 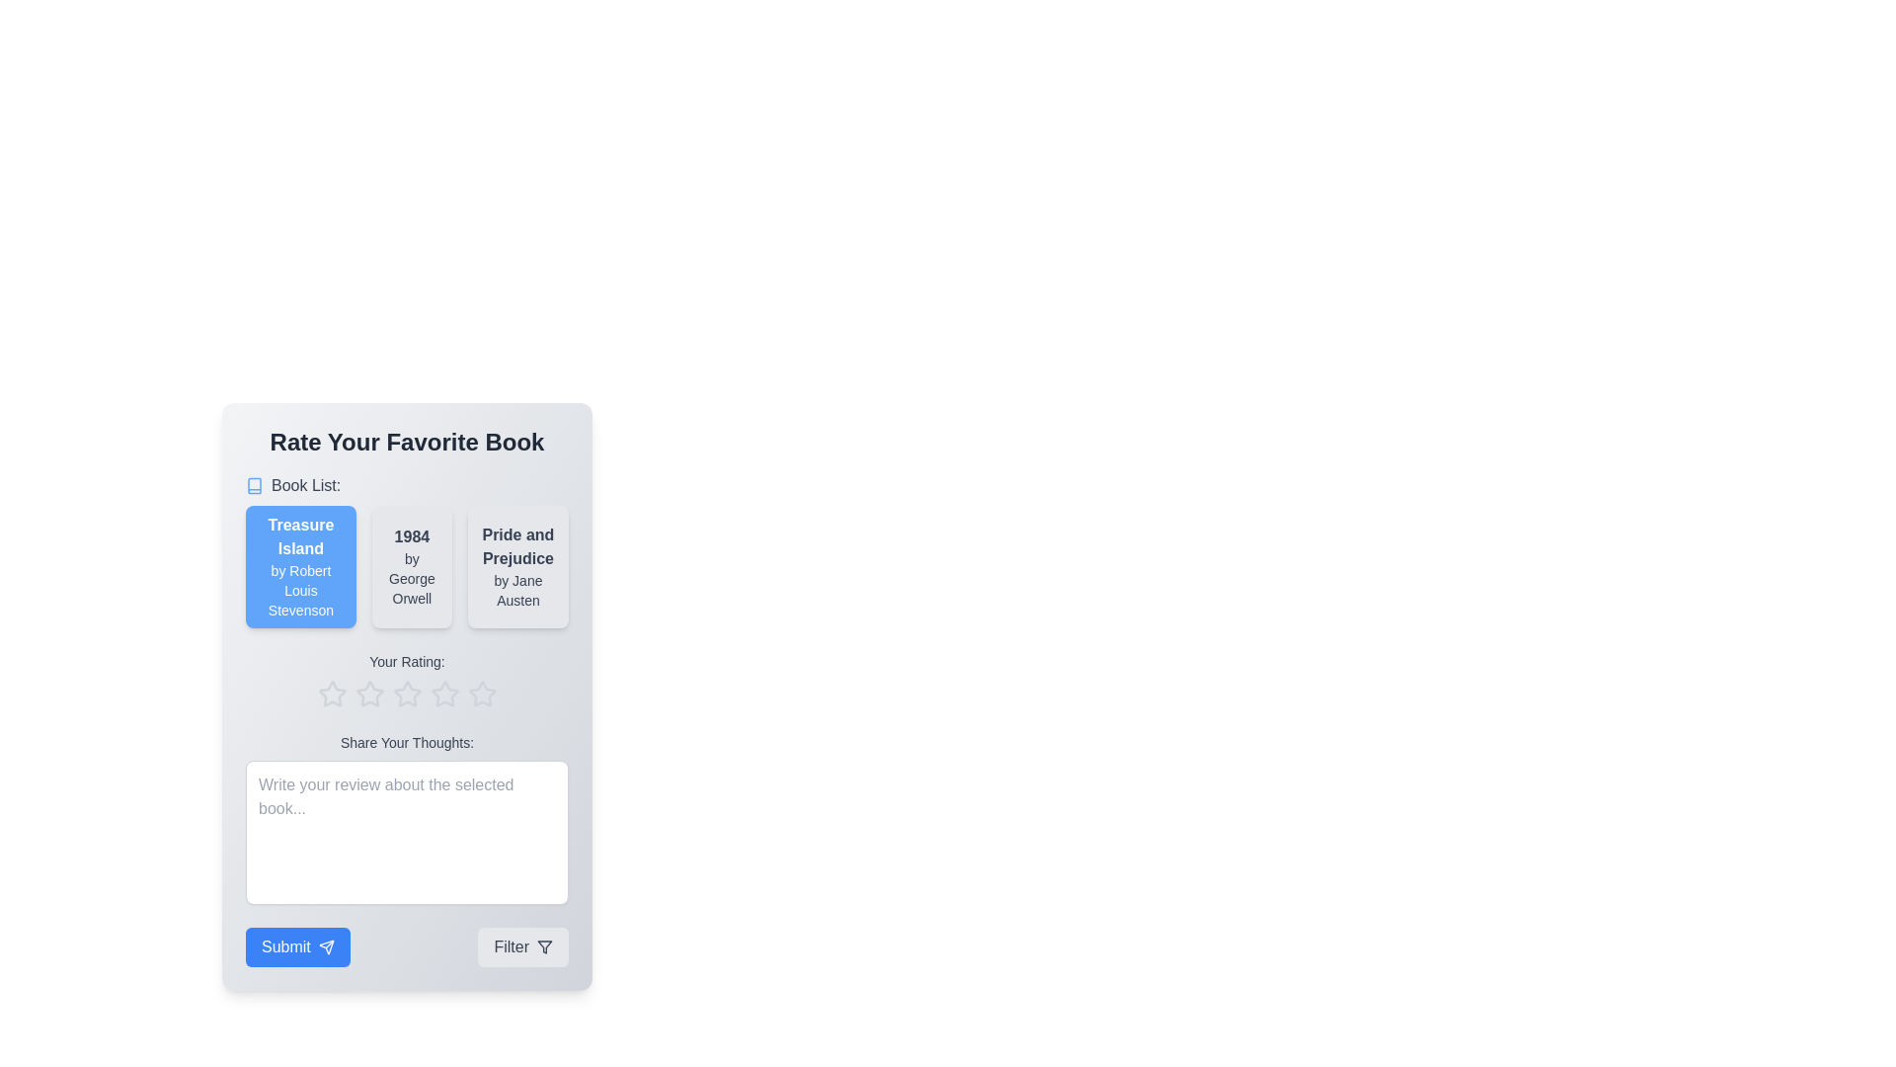 I want to click on the text label 'Your Rating:' which is a bold heading above the rating stars in the 'Rate Your Favorite Book' section, so click(x=406, y=662).